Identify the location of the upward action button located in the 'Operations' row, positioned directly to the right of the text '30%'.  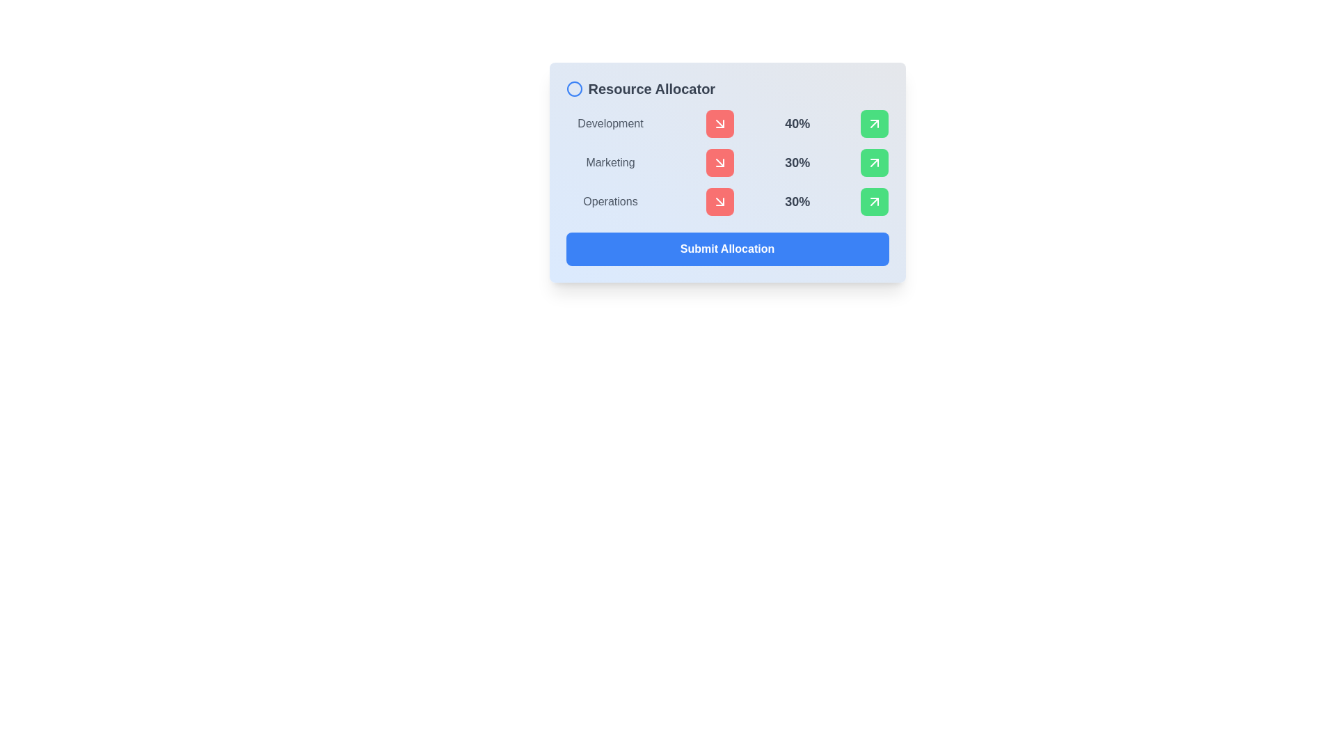
(874, 201).